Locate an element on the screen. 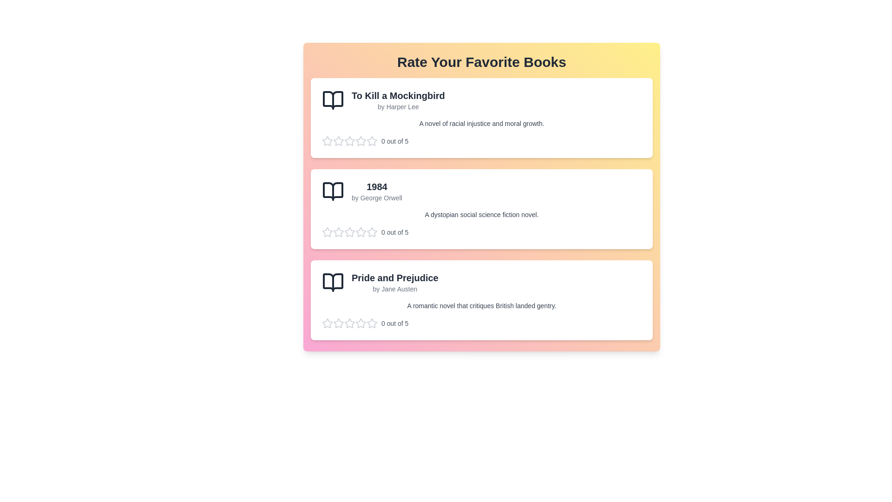 The width and height of the screenshot is (892, 502). left half of the pages of the open book icon adjacent to the title '1984' for SVG properties is located at coordinates (333, 191).